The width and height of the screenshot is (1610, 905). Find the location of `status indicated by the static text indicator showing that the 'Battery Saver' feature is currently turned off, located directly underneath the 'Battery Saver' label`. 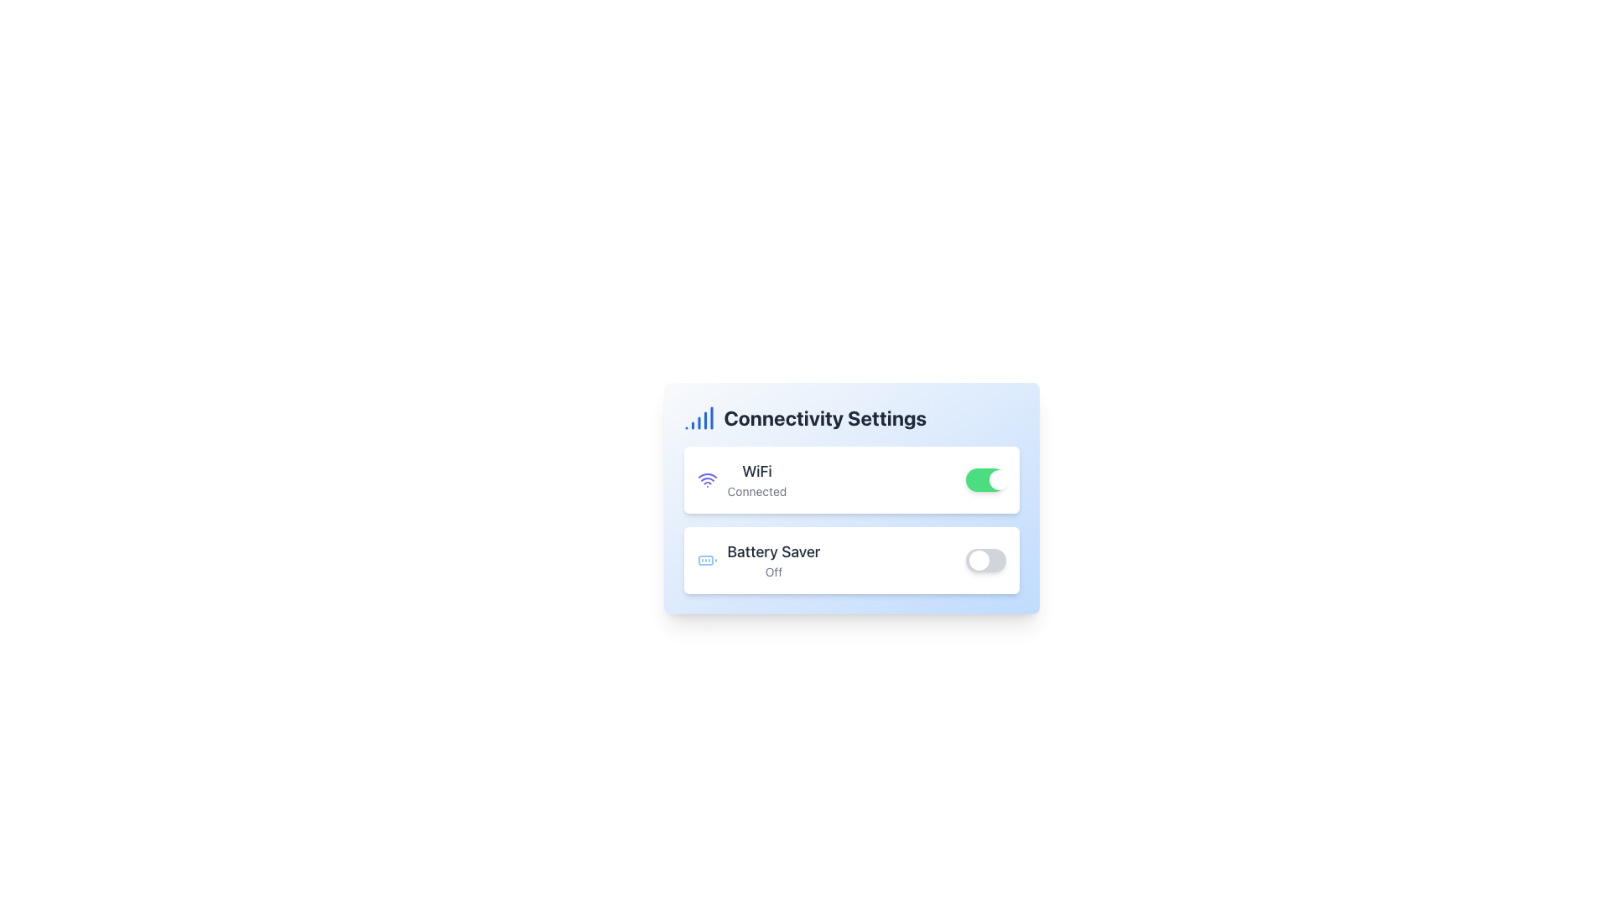

status indicated by the static text indicator showing that the 'Battery Saver' feature is currently turned off, located directly underneath the 'Battery Saver' label is located at coordinates (772, 571).